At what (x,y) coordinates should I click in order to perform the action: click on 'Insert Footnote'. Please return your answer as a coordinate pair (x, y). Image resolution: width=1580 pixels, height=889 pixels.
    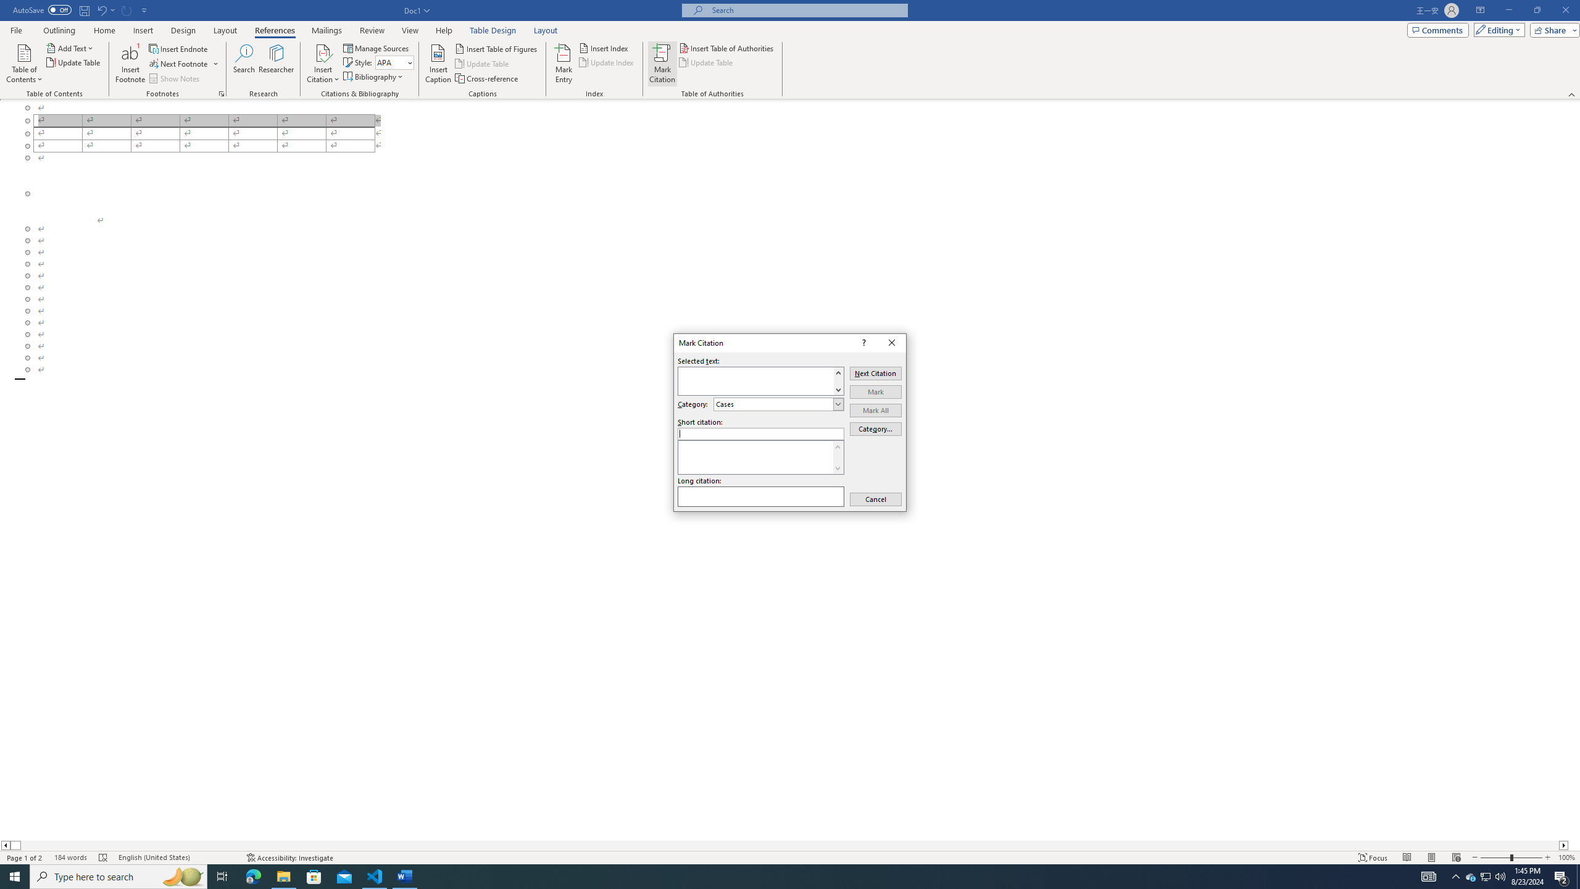
    Looking at the image, I should click on (130, 64).